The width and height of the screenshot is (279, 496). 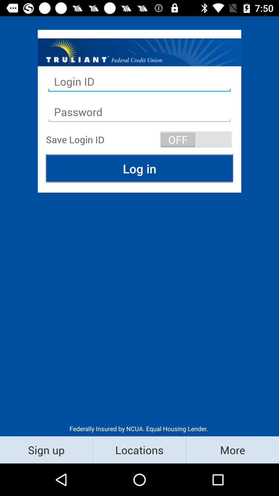 I want to click on the item to the right of locations, so click(x=232, y=450).